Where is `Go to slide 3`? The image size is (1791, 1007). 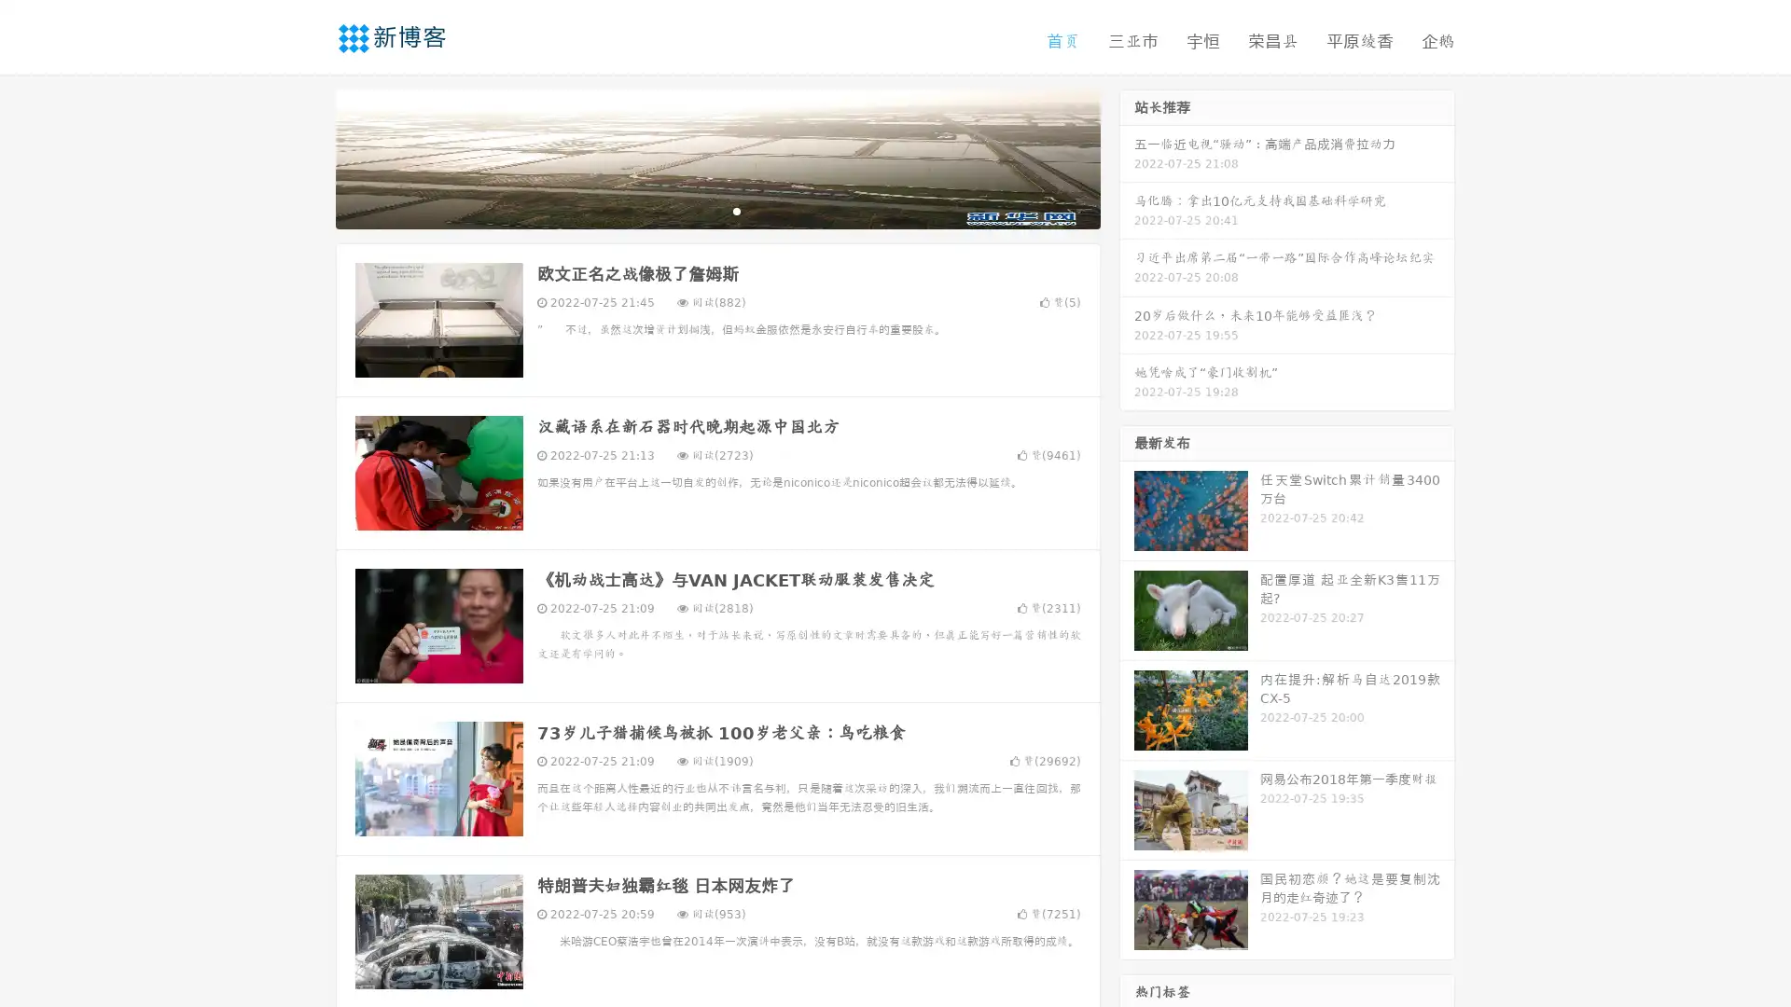
Go to slide 3 is located at coordinates (736, 210).